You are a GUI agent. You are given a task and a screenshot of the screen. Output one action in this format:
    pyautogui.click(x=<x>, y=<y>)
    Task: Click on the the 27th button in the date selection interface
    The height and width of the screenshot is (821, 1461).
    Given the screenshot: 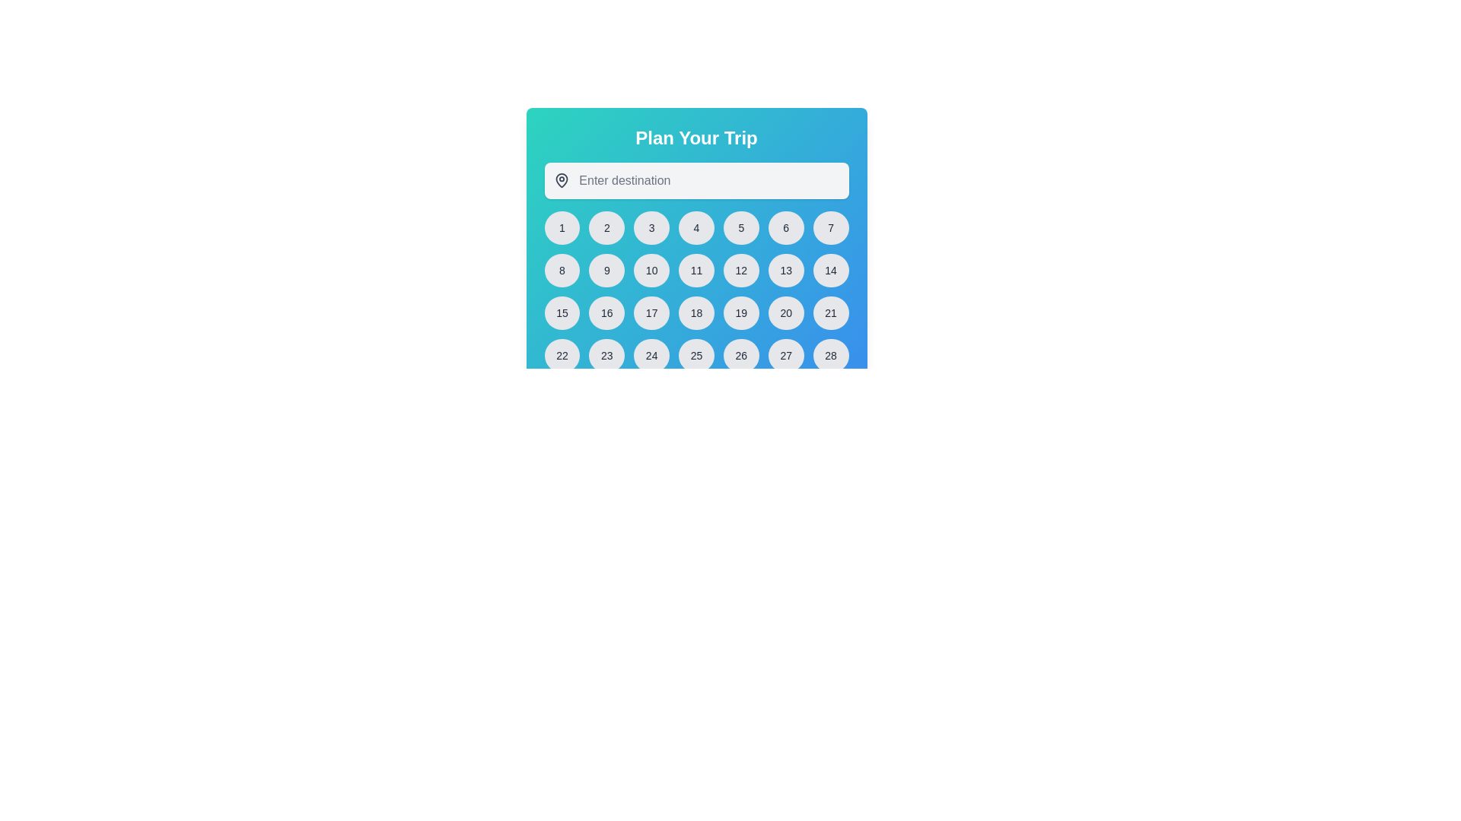 What is the action you would take?
    pyautogui.click(x=786, y=355)
    